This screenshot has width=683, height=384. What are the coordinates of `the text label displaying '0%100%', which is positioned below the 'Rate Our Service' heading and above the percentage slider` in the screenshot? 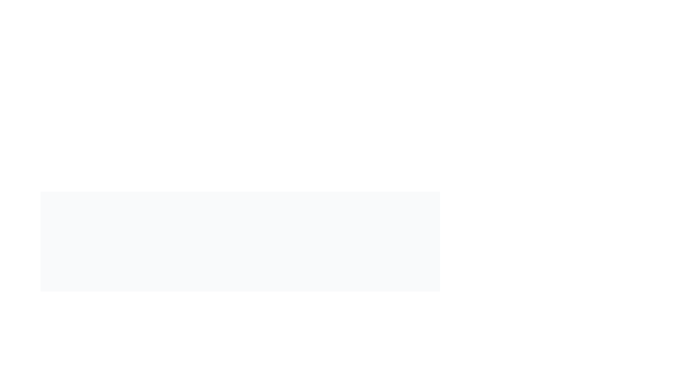 It's located at (240, 364).